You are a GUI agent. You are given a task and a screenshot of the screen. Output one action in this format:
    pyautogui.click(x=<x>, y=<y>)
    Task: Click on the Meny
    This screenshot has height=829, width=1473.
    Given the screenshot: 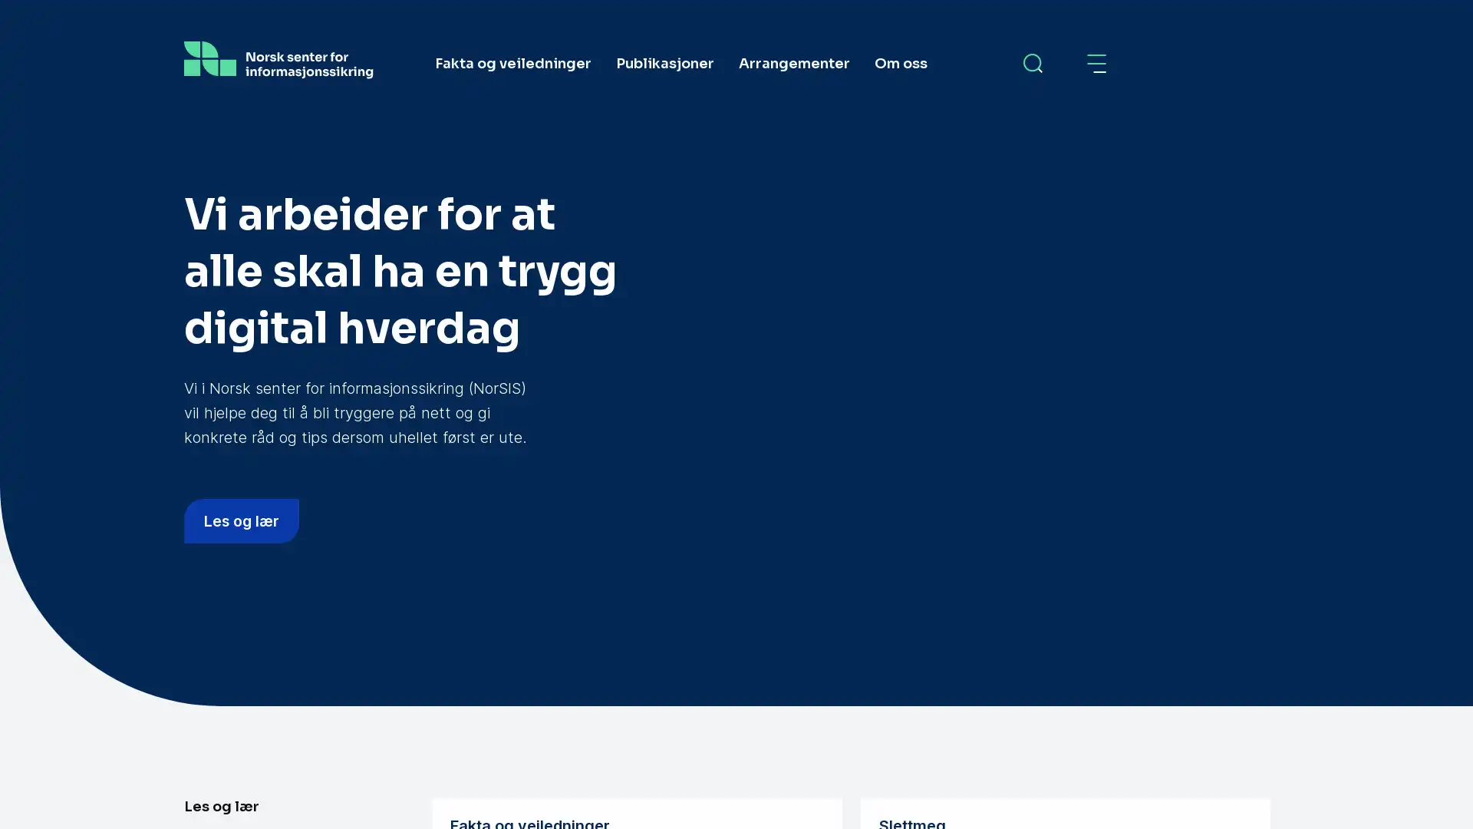 What is the action you would take?
    pyautogui.click(x=1097, y=63)
    